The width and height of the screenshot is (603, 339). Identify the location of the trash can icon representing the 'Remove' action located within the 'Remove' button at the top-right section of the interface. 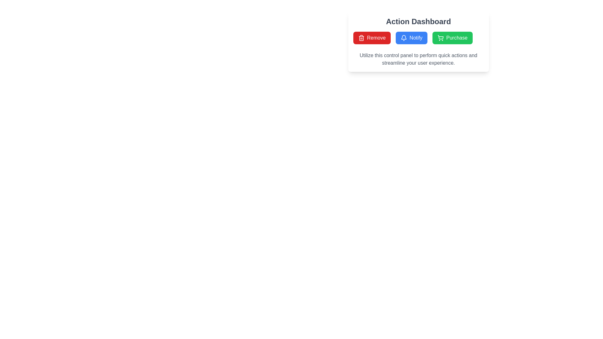
(361, 38).